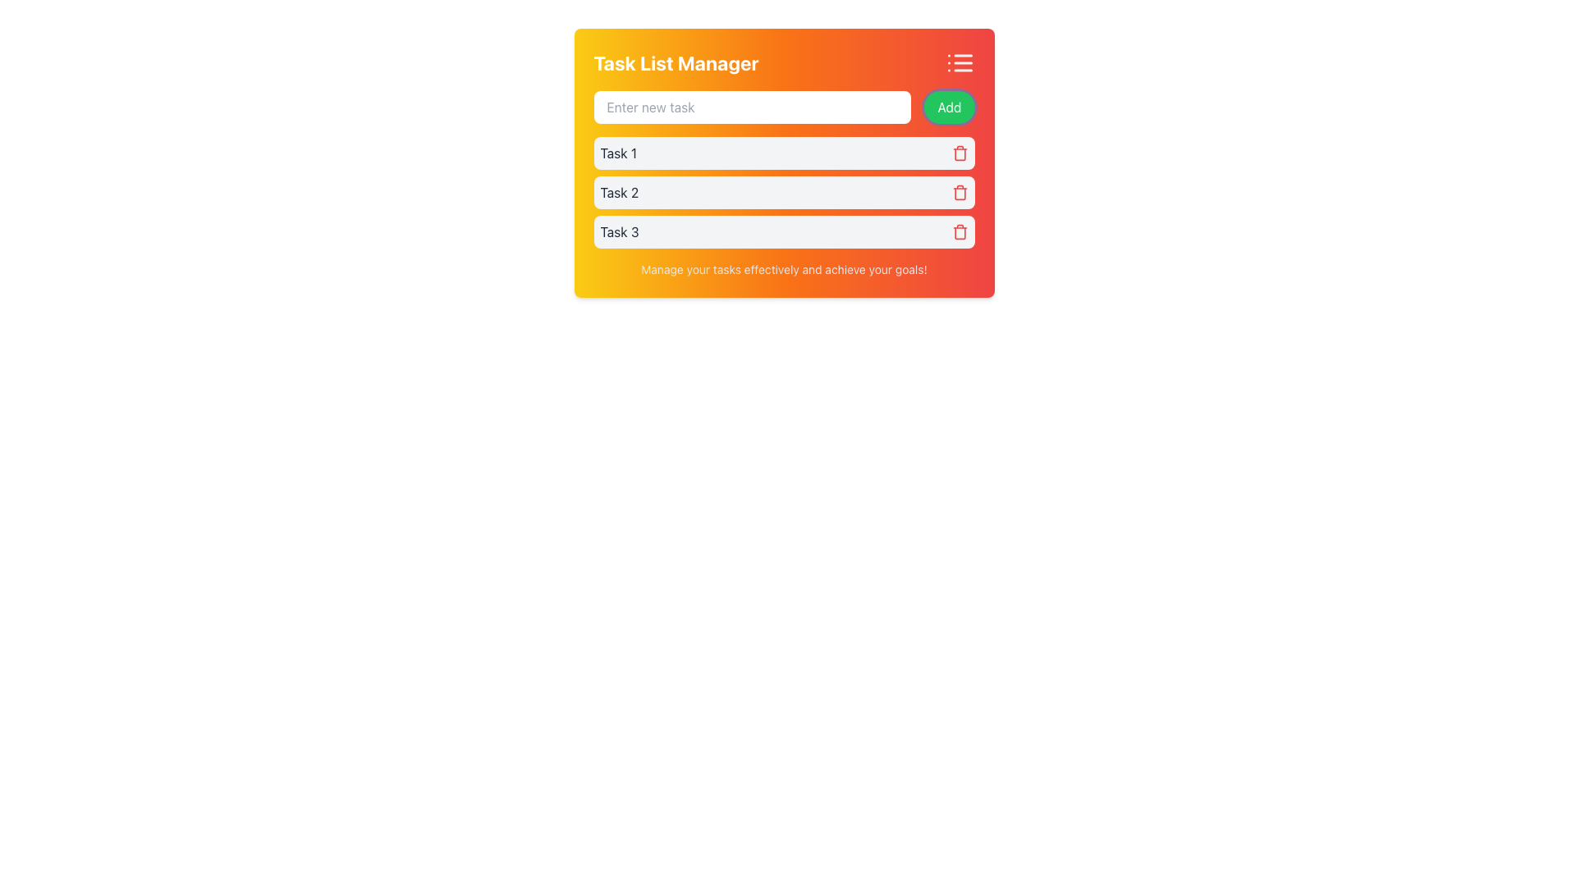 The height and width of the screenshot is (886, 1576). I want to click on the icon with a stylized list and red background located in the upper right corner of the header section labeled 'Task List Manager', so click(960, 62).